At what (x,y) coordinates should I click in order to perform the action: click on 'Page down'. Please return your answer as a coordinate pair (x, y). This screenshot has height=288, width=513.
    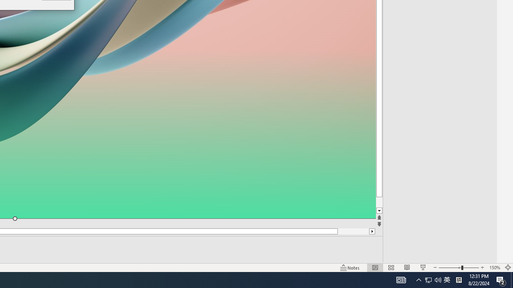
    Looking at the image, I should click on (394, 202).